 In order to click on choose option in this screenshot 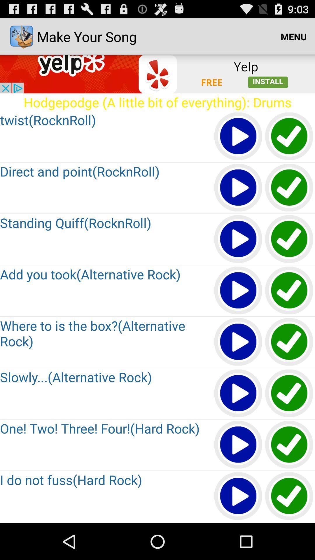, I will do `click(289, 188)`.